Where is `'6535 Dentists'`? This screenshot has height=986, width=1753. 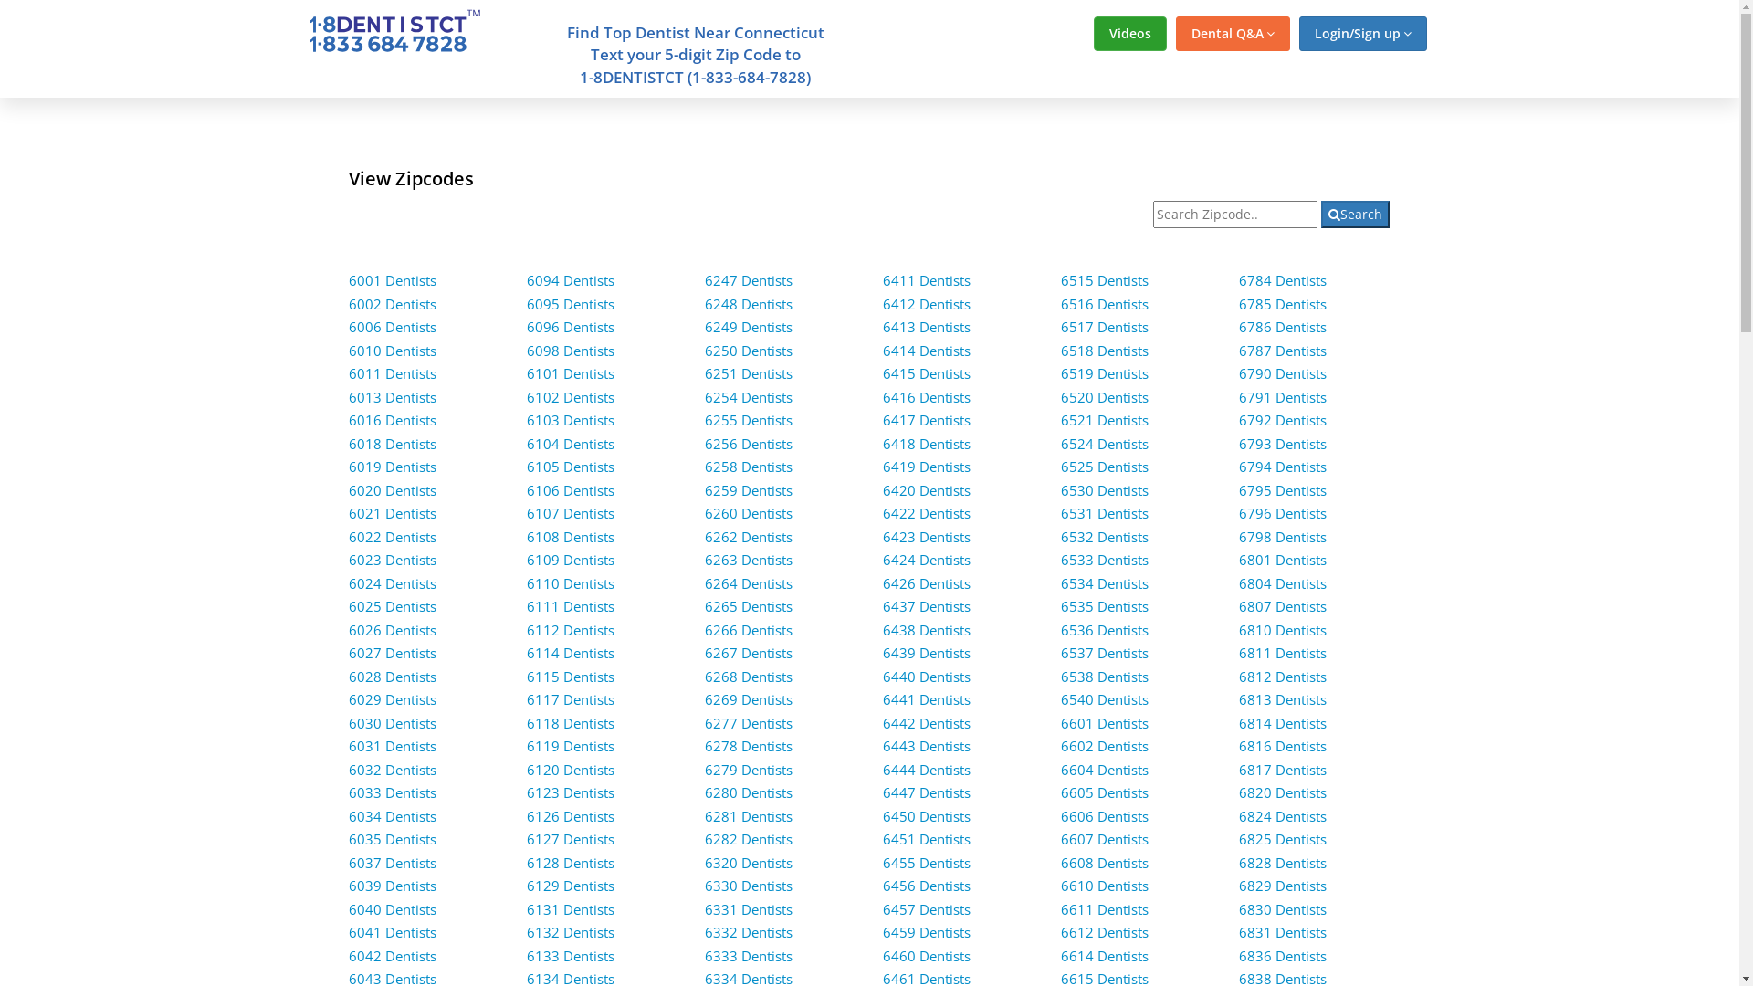
'6535 Dentists' is located at coordinates (1060, 605).